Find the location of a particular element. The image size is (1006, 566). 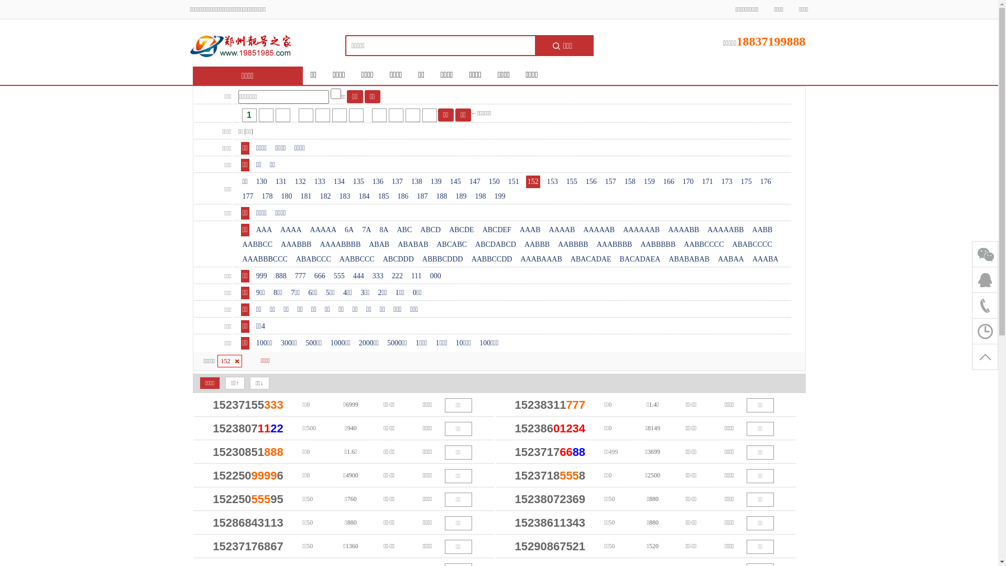

'134' is located at coordinates (339, 181).